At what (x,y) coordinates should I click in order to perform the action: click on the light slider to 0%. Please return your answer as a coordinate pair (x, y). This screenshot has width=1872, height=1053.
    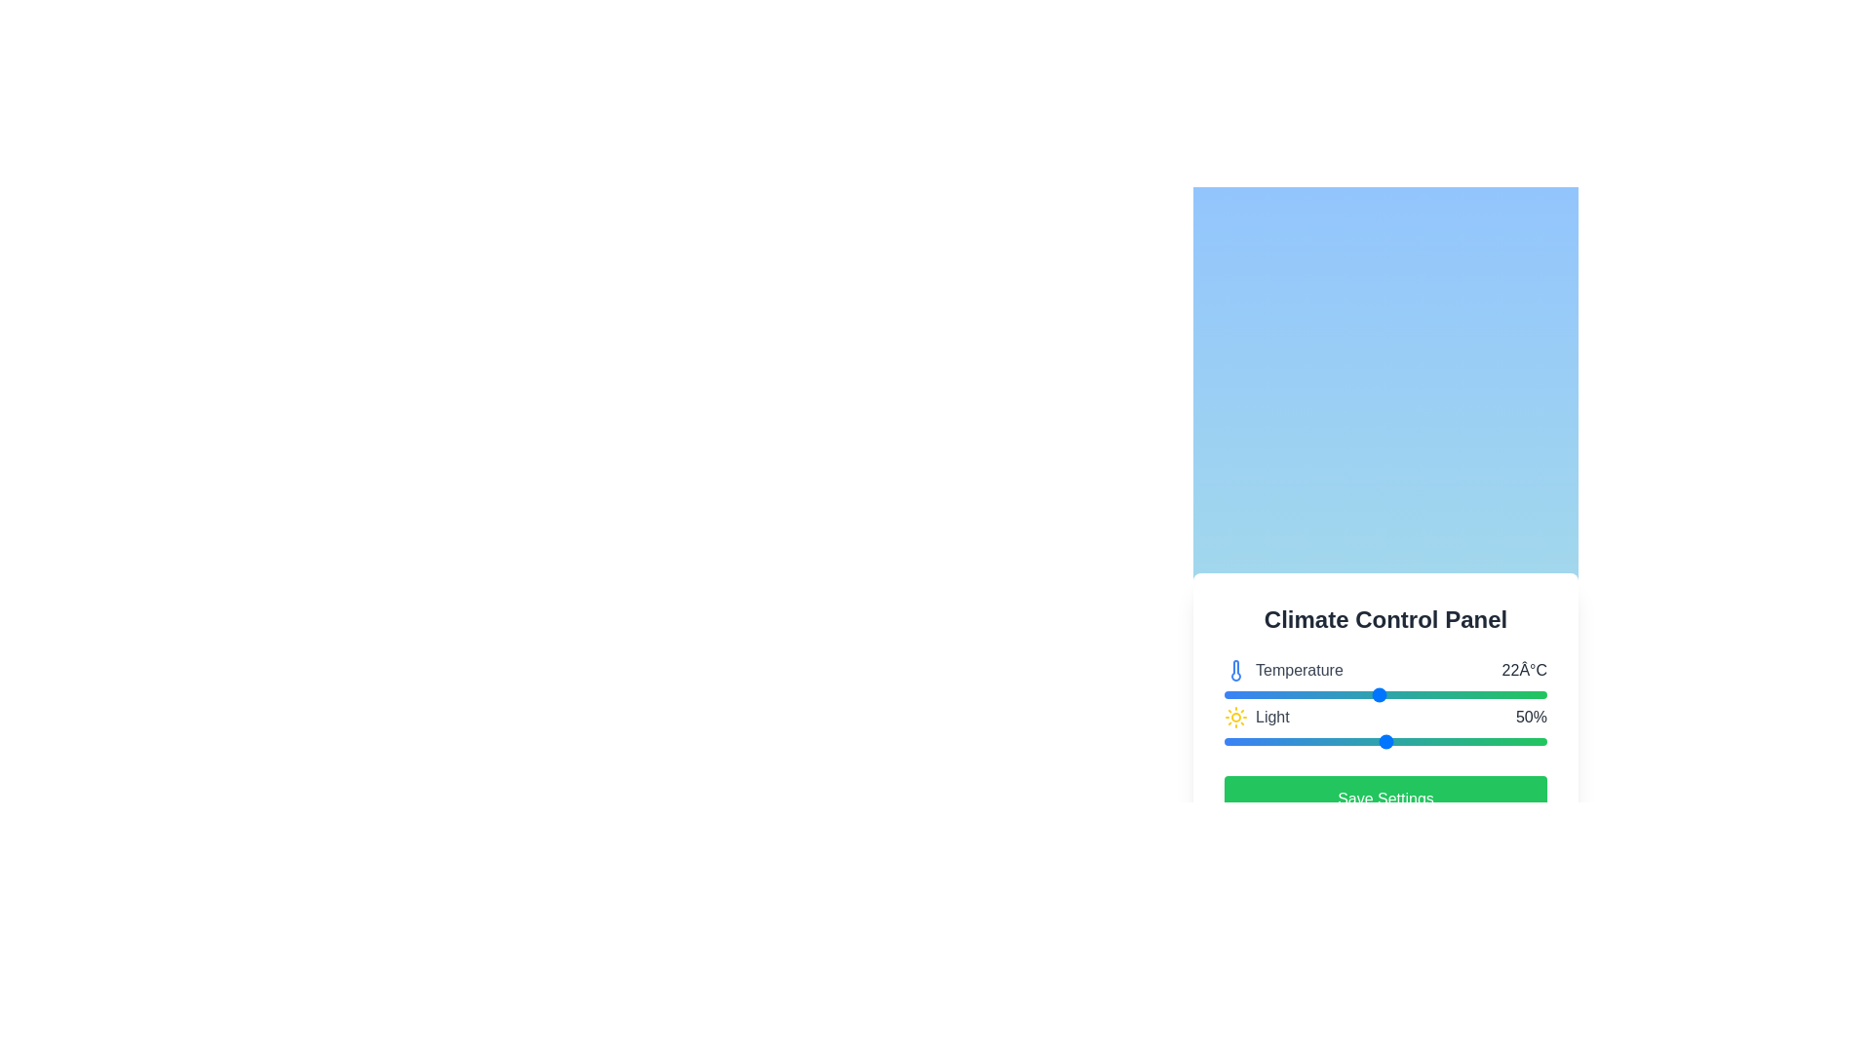
    Looking at the image, I should click on (1224, 741).